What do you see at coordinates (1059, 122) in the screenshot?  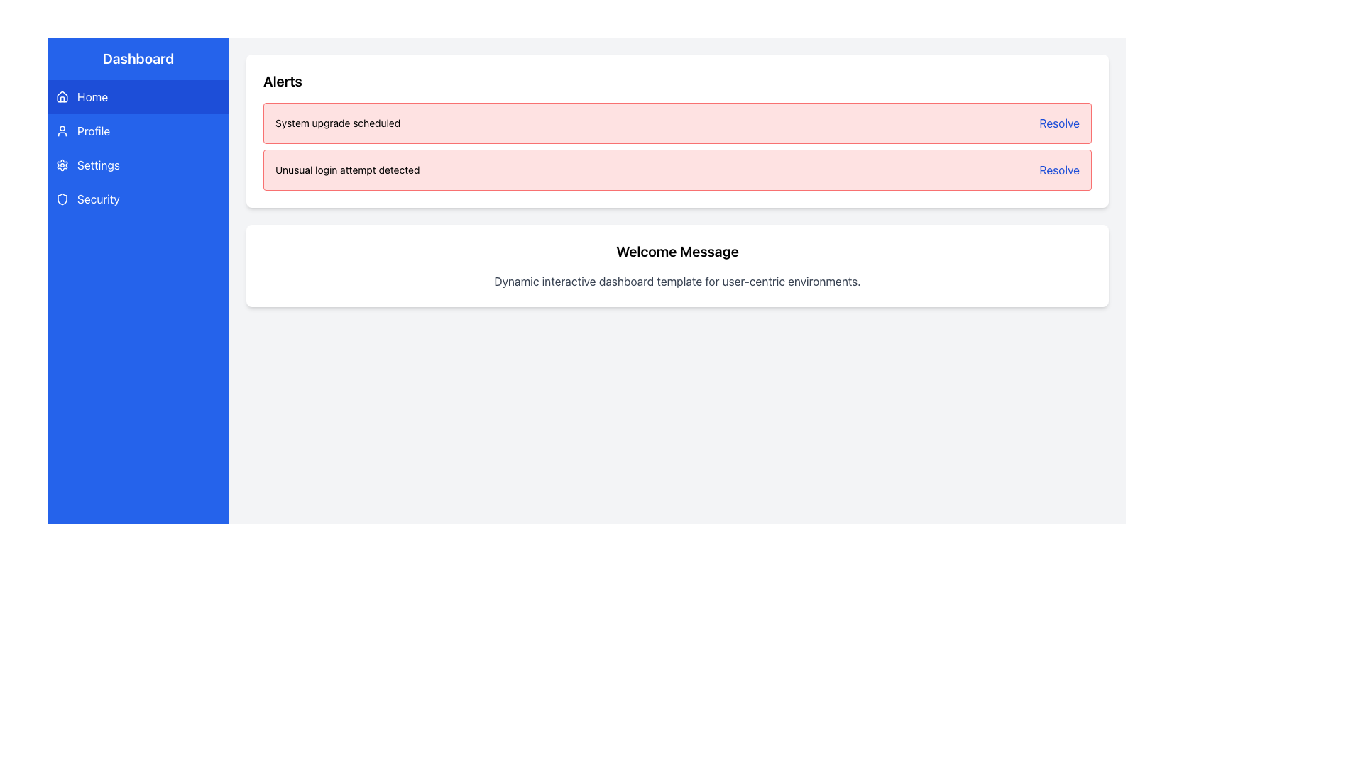 I see `the hyperlink located on the right side of the alert bar labeled 'System upgrade scheduled'` at bounding box center [1059, 122].